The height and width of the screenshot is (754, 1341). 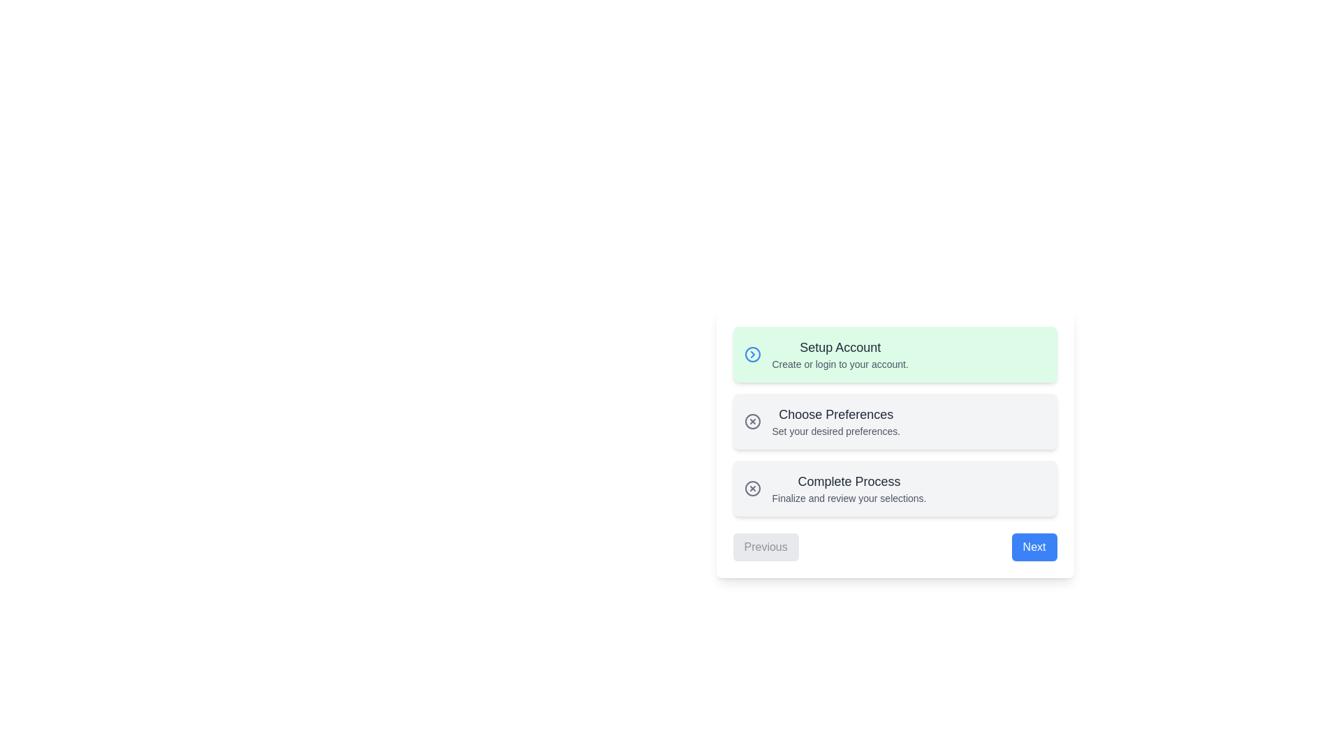 What do you see at coordinates (895, 421) in the screenshot?
I see `the 'Choose Preferences' card, which is the second card in a vertically-stacked list` at bounding box center [895, 421].